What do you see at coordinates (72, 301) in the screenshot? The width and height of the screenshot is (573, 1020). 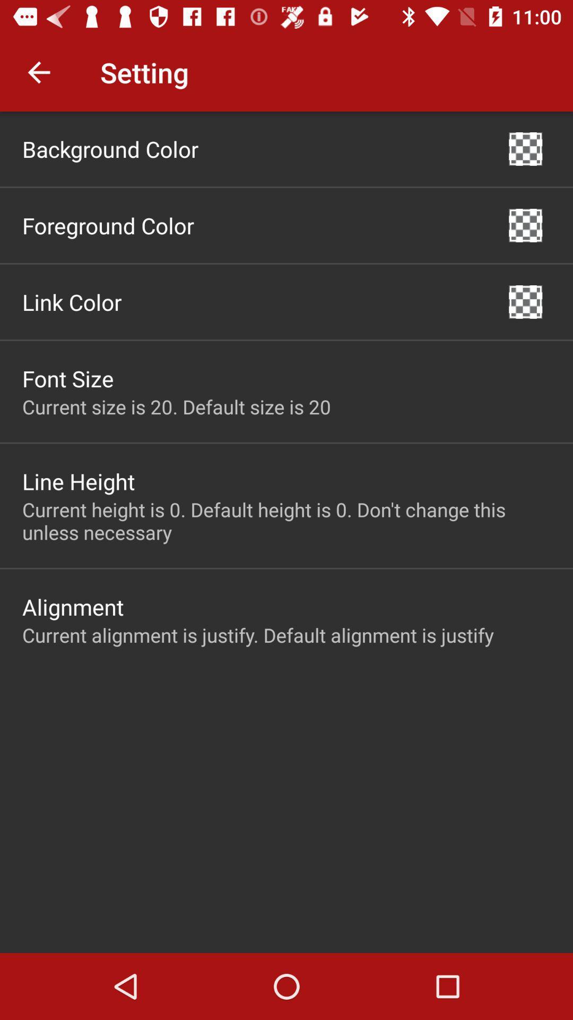 I see `item above font size` at bounding box center [72, 301].